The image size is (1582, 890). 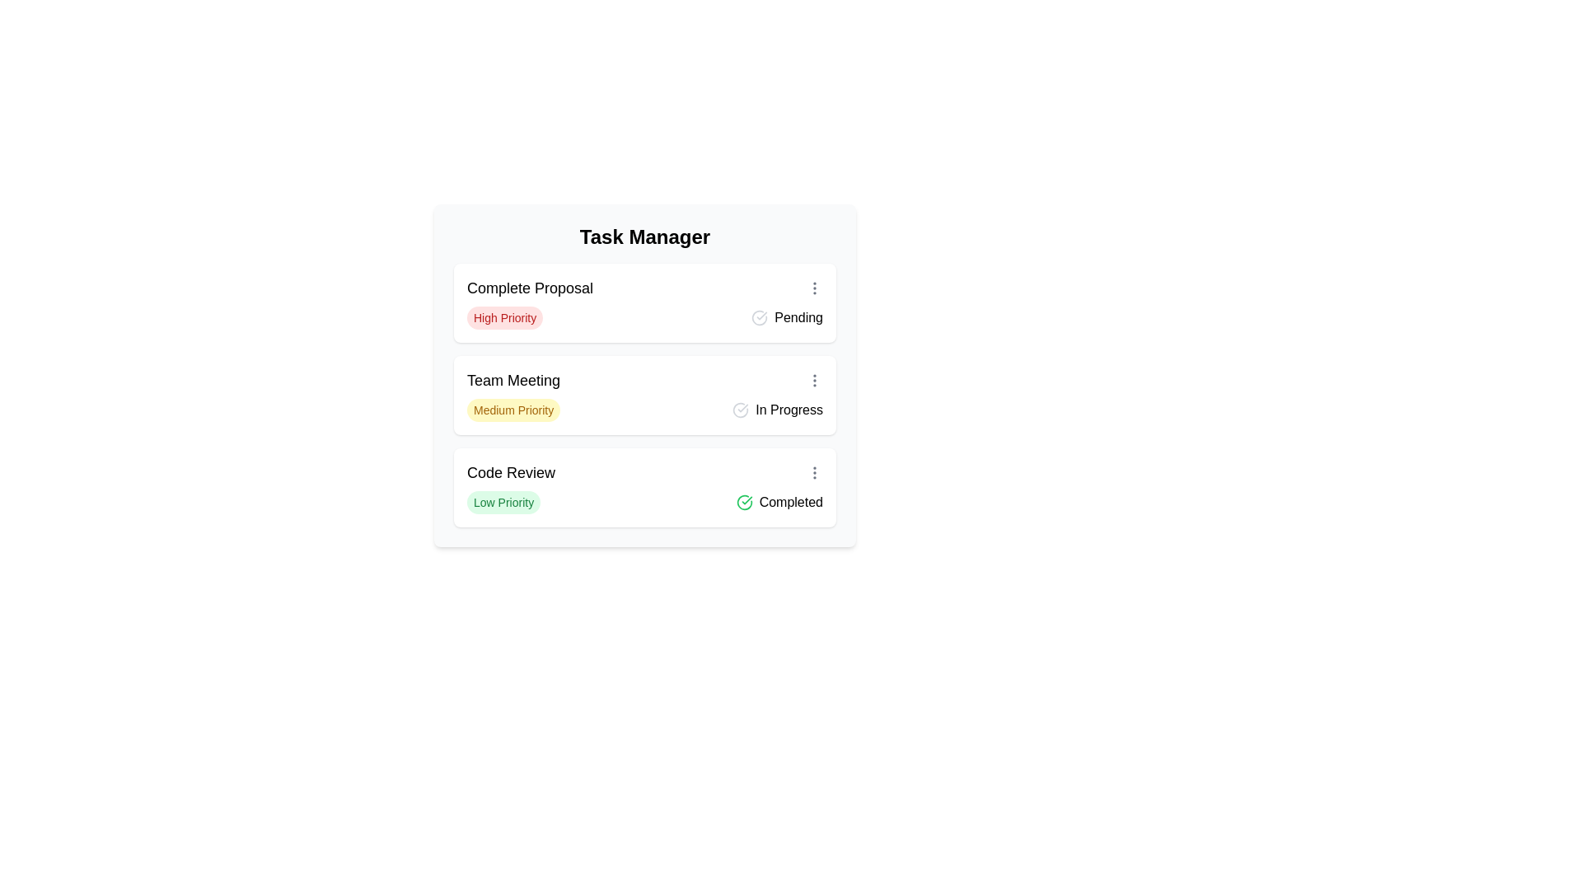 What do you see at coordinates (789, 409) in the screenshot?
I see `the status label indicating 'Team Meeting' for accessibility purposes` at bounding box center [789, 409].